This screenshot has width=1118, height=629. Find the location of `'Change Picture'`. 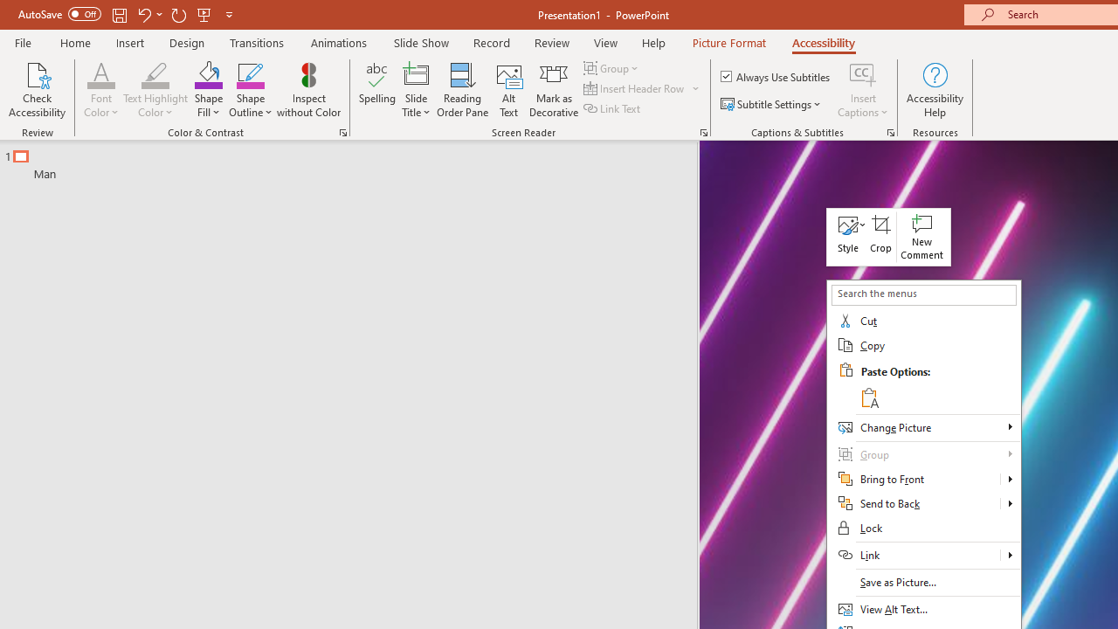

'Change Picture' is located at coordinates (922, 427).